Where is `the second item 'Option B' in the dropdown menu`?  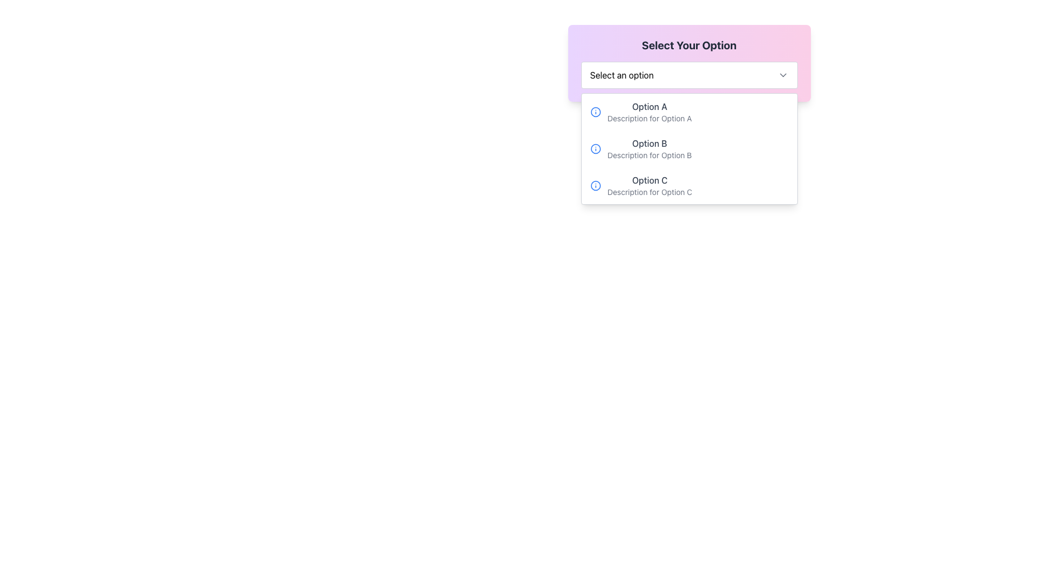 the second item 'Option B' in the dropdown menu is located at coordinates (688, 148).